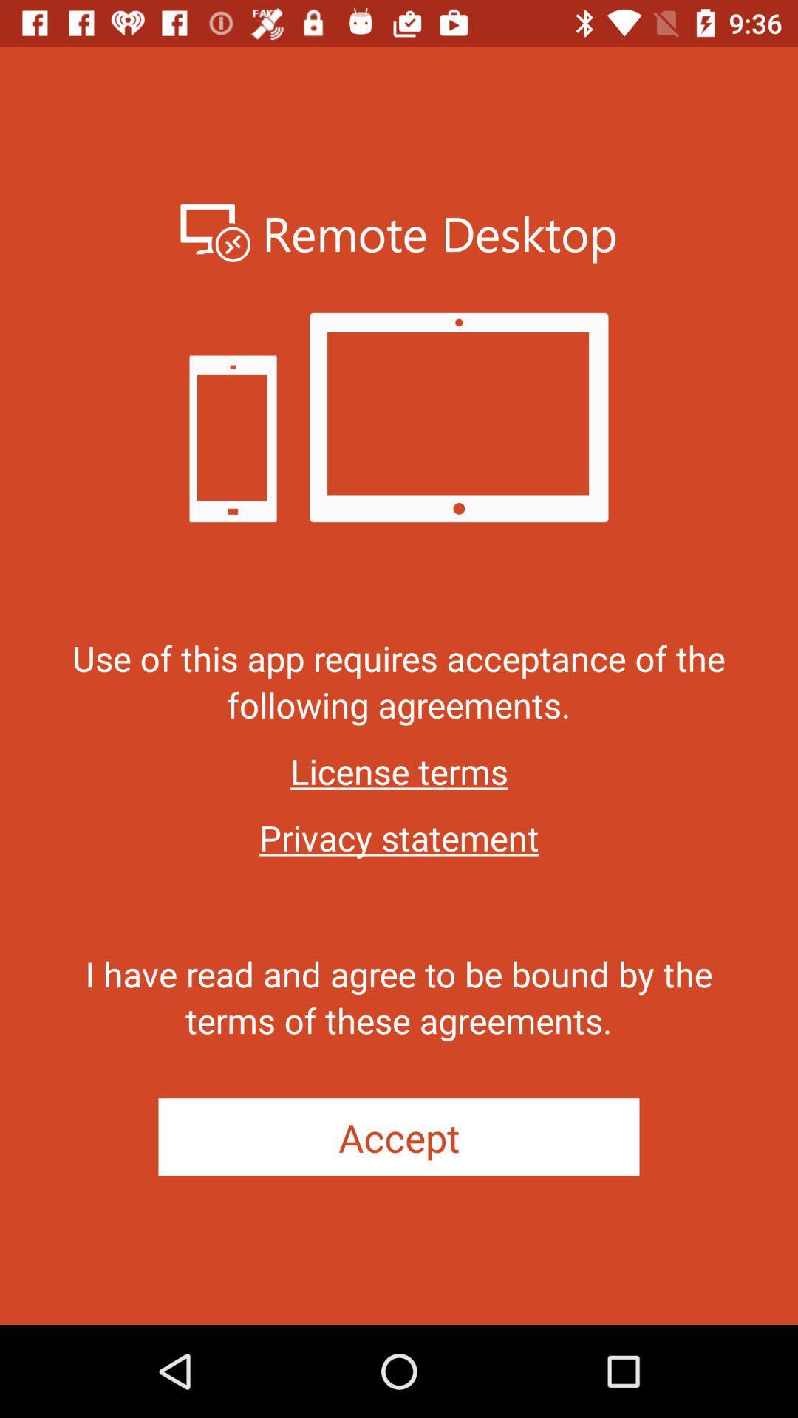 The width and height of the screenshot is (798, 1418). What do you see at coordinates (399, 838) in the screenshot?
I see `the privacy statement item` at bounding box center [399, 838].